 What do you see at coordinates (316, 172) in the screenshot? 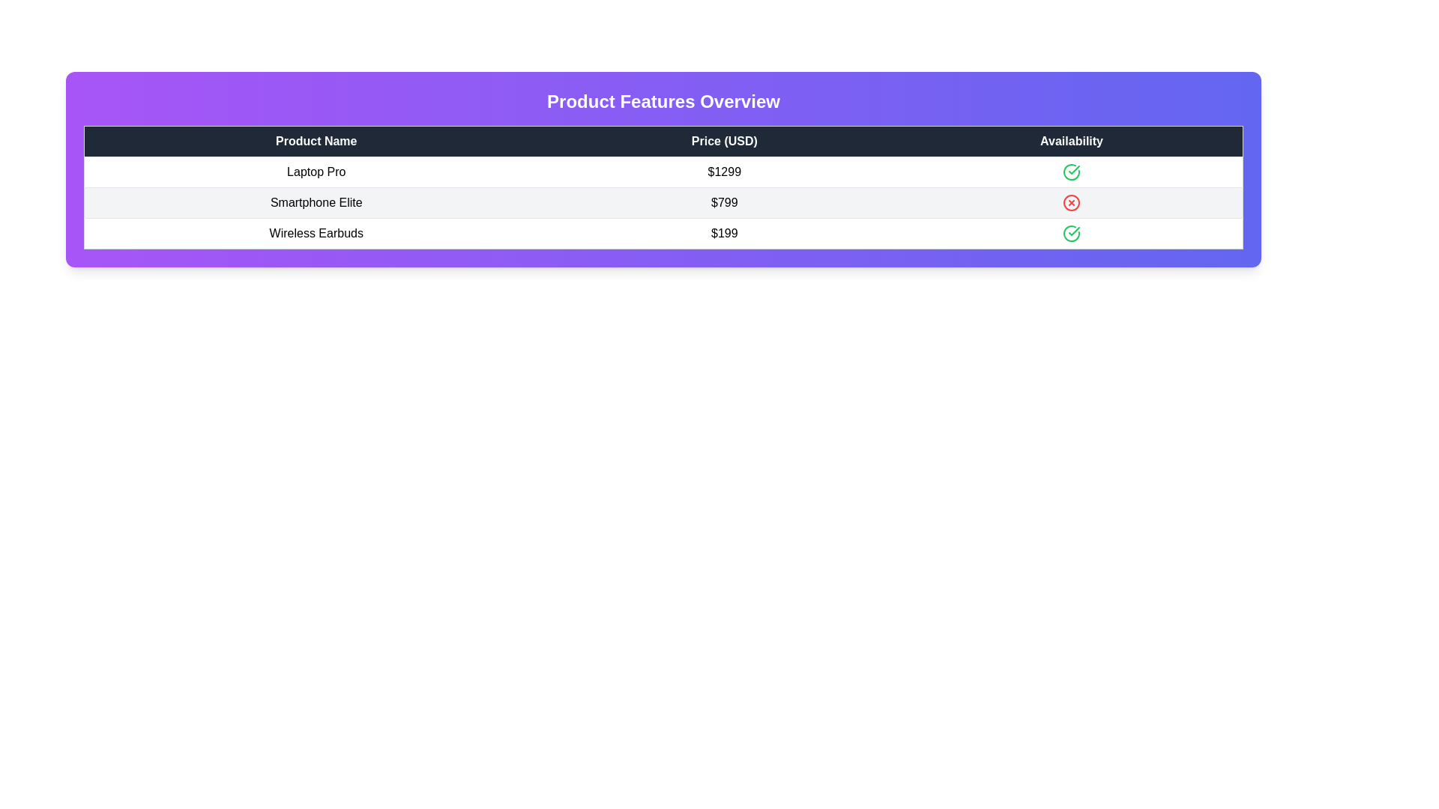
I see `static text label displaying 'Laptop Pro' located in the first row under the 'Product Name' column of the table` at bounding box center [316, 172].